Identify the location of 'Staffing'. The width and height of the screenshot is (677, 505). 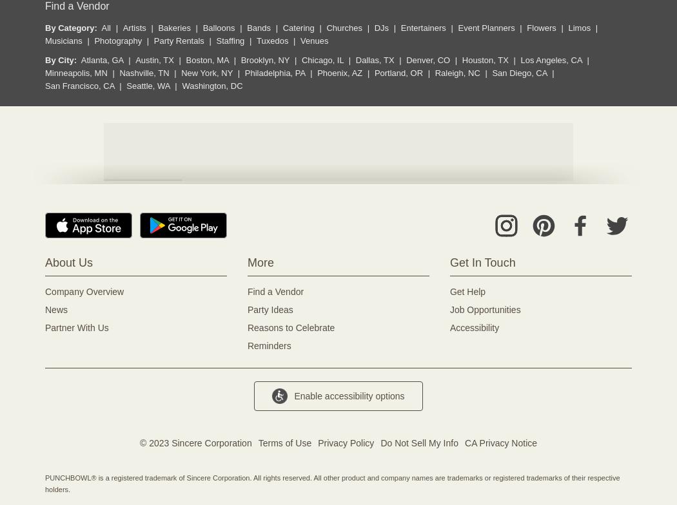
(230, 41).